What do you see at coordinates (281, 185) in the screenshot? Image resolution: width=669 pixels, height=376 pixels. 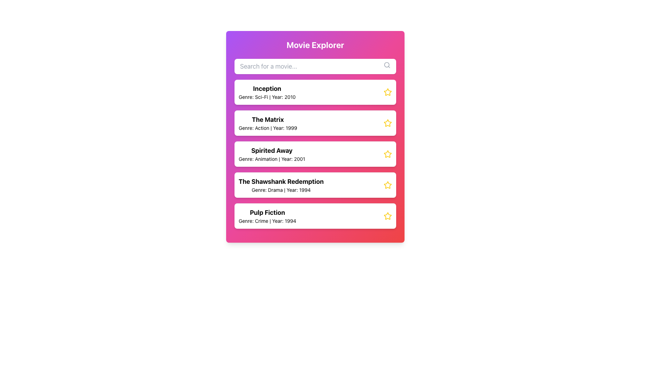 I see `the text block displaying information about the movie 'The Shawshank Redemption' located in the third card under 'Movie Explorer'` at bounding box center [281, 185].